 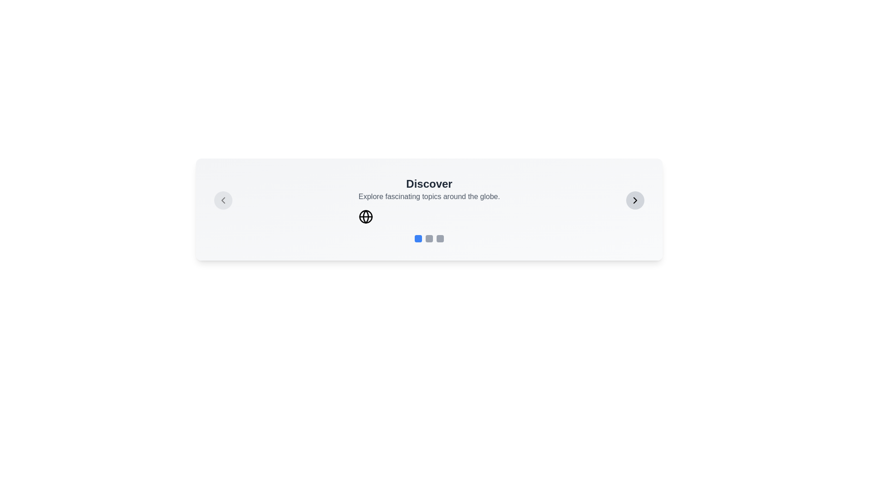 I want to click on the navigation button with a right-pointing arrow icon located at the far right of the interface, so click(x=634, y=200).